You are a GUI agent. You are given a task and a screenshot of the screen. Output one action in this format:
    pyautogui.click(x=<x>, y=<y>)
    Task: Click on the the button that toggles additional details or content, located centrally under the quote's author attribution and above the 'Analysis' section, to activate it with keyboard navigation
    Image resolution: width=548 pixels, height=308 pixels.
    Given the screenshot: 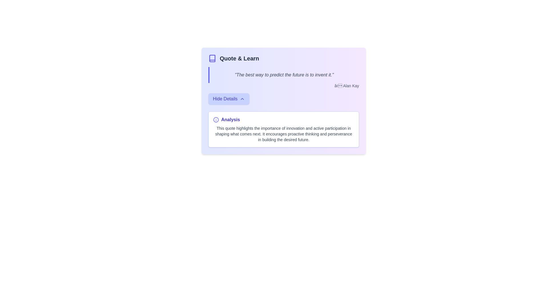 What is the action you would take?
    pyautogui.click(x=229, y=99)
    